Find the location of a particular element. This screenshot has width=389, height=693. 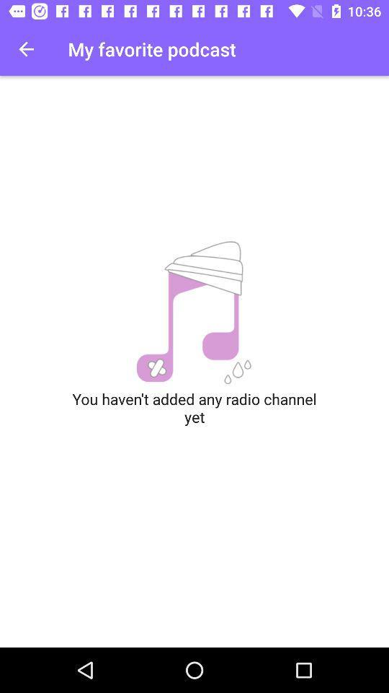

item to the left of the my favorite podcast is located at coordinates (26, 49).